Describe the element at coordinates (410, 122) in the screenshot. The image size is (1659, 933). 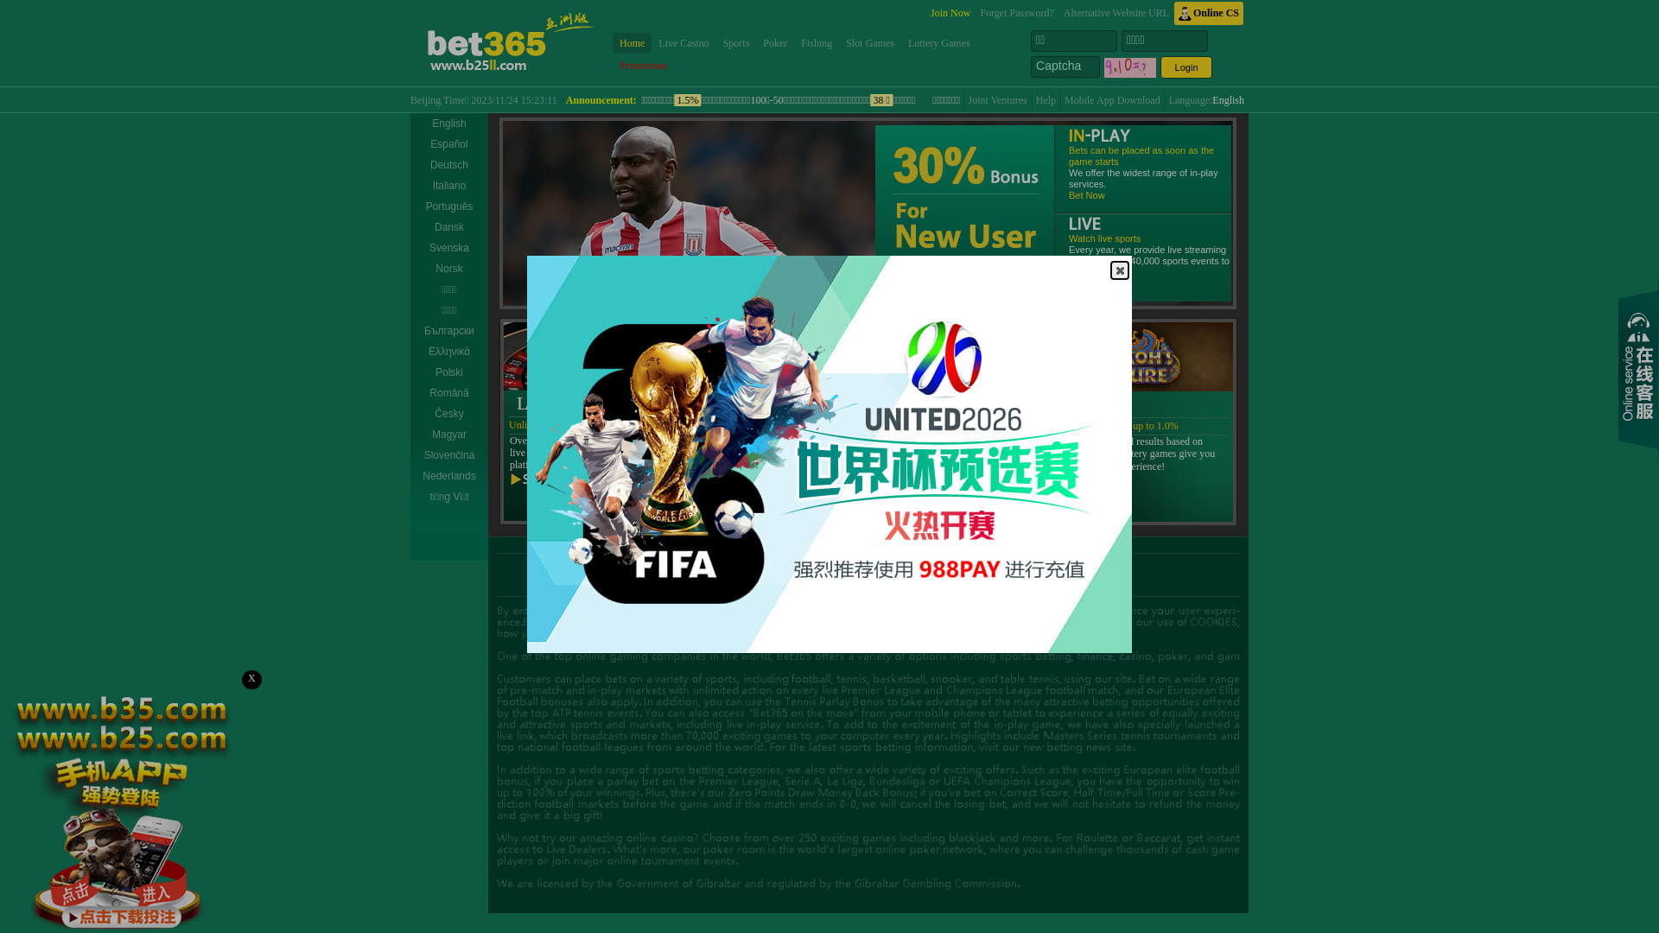
I see `'English'` at that location.